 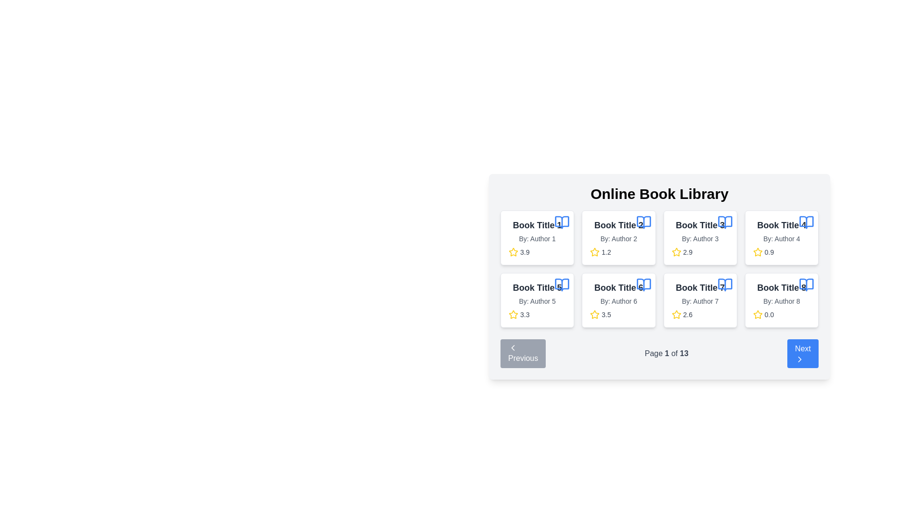 I want to click on the book information card located in the second row and second column of the grid layout, so click(x=618, y=299).